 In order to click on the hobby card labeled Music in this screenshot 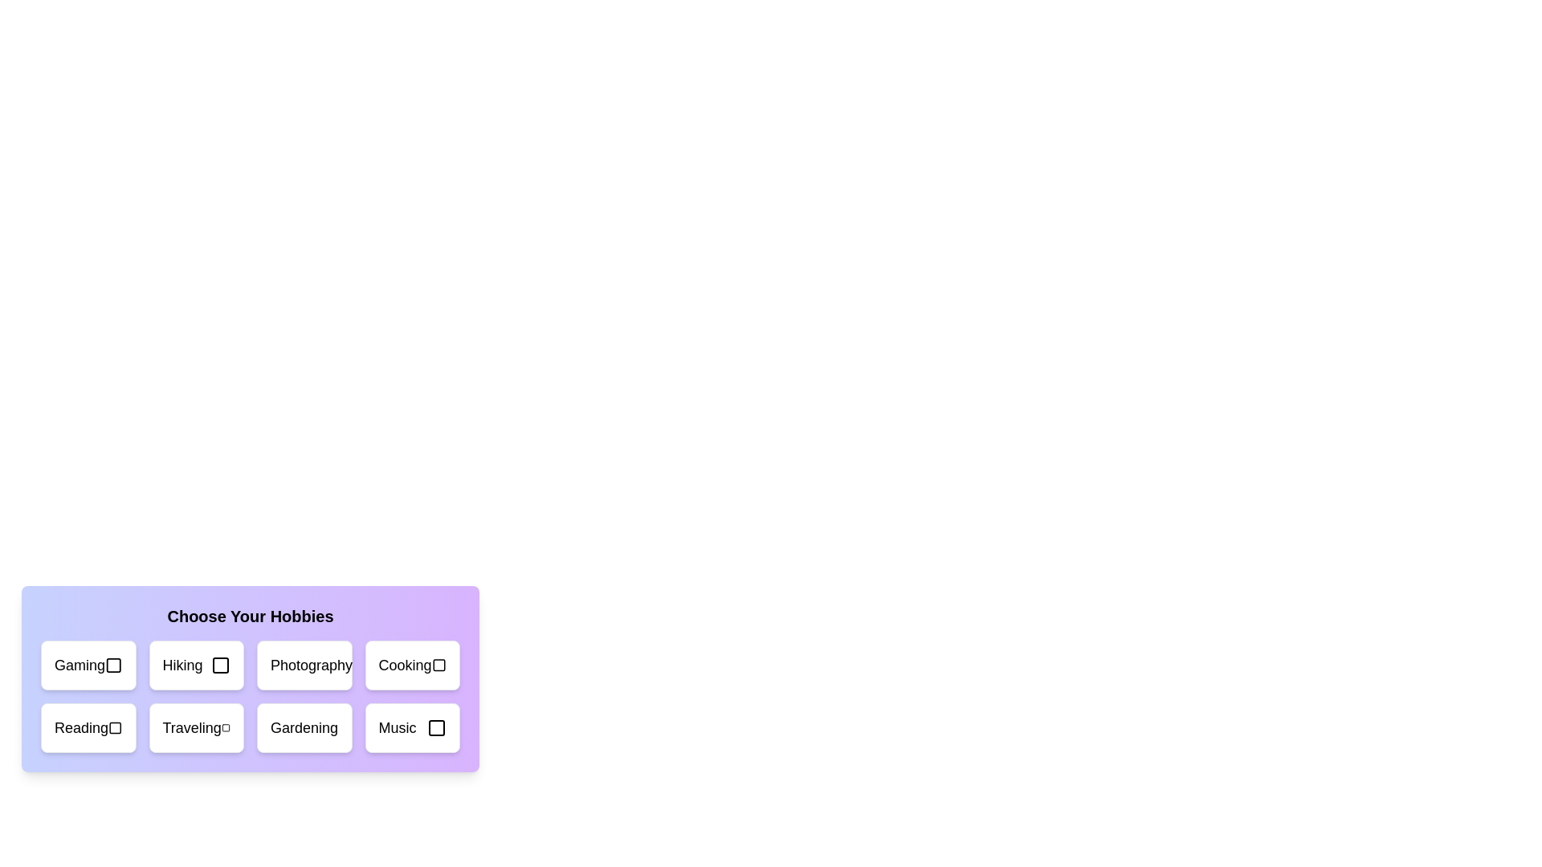, I will do `click(412, 727)`.